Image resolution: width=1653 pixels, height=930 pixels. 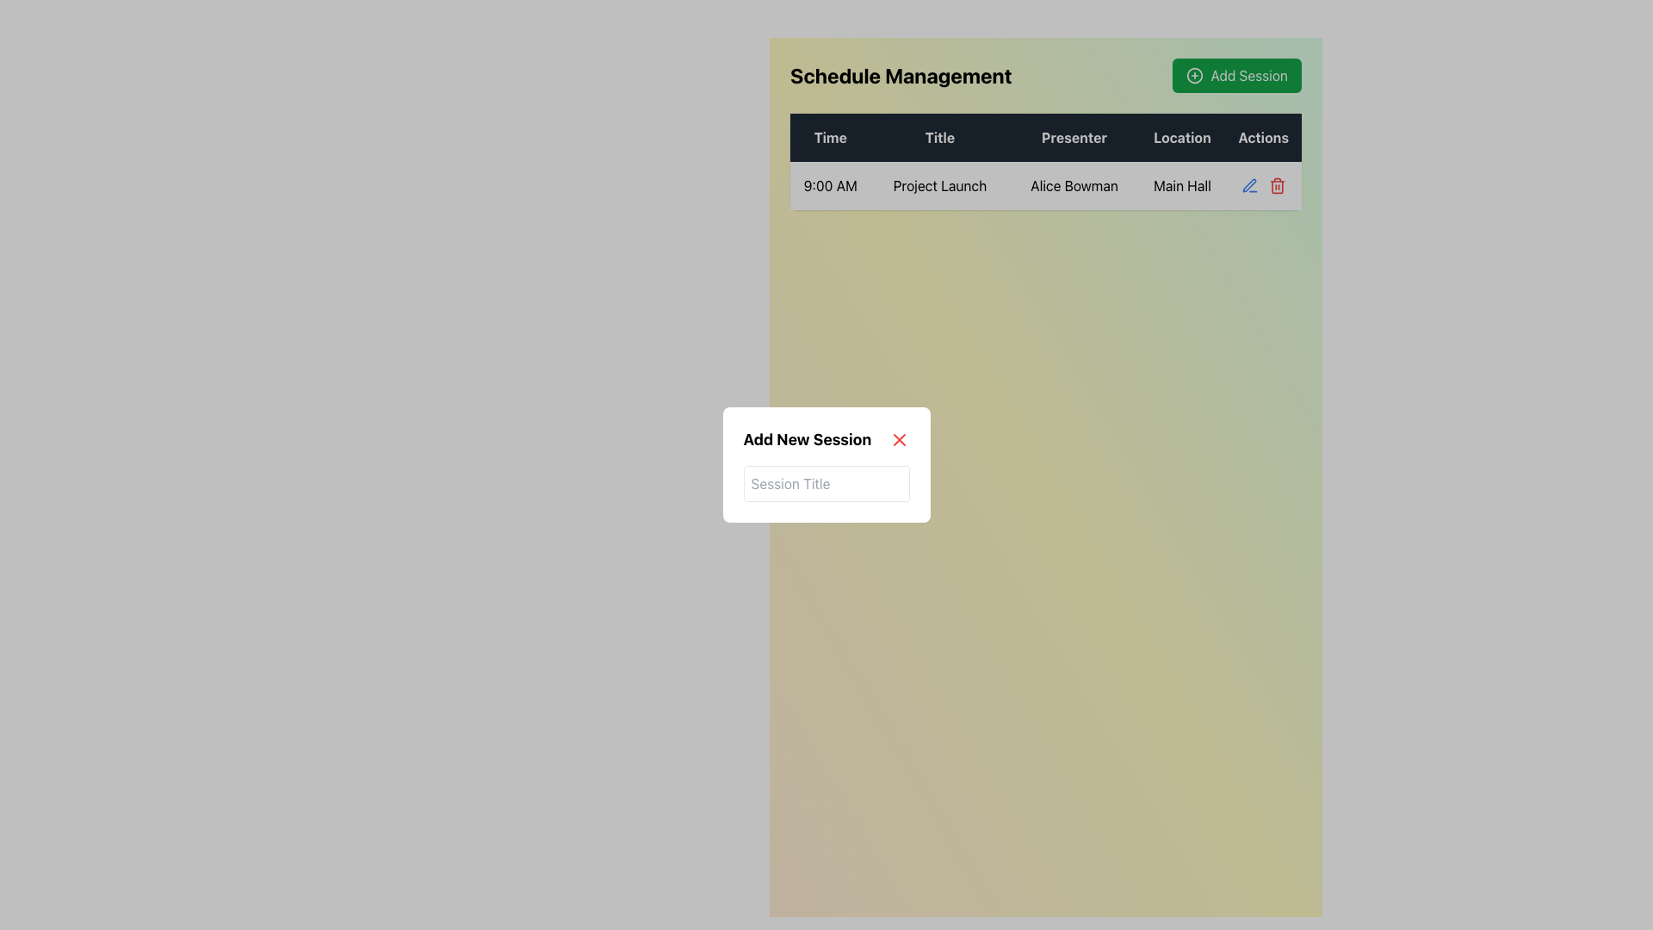 I want to click on the Text Label that serves as a column header indicating the location of an event or item, positioned between 'Presenter' and 'Actions', so click(x=1181, y=136).